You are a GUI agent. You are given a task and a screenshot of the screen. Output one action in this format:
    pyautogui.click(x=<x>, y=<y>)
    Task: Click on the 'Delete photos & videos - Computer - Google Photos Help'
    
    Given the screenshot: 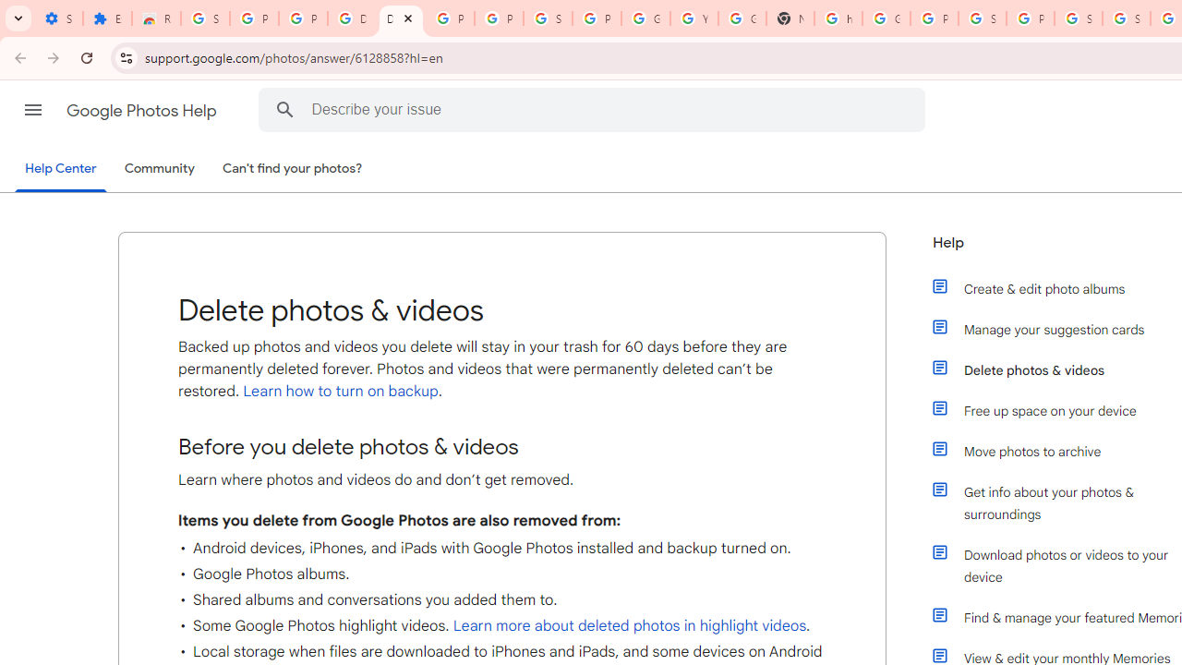 What is the action you would take?
    pyautogui.click(x=352, y=18)
    